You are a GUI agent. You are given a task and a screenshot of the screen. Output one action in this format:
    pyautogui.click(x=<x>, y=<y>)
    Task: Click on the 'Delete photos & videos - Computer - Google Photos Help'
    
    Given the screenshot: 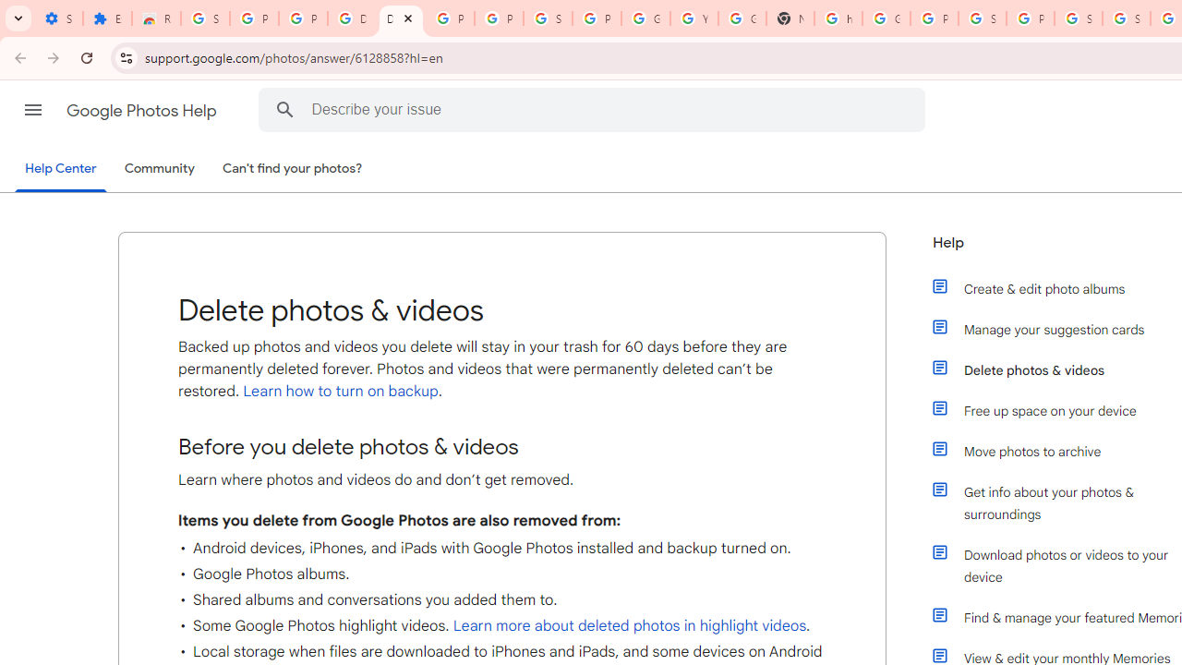 What is the action you would take?
    pyautogui.click(x=352, y=18)
    